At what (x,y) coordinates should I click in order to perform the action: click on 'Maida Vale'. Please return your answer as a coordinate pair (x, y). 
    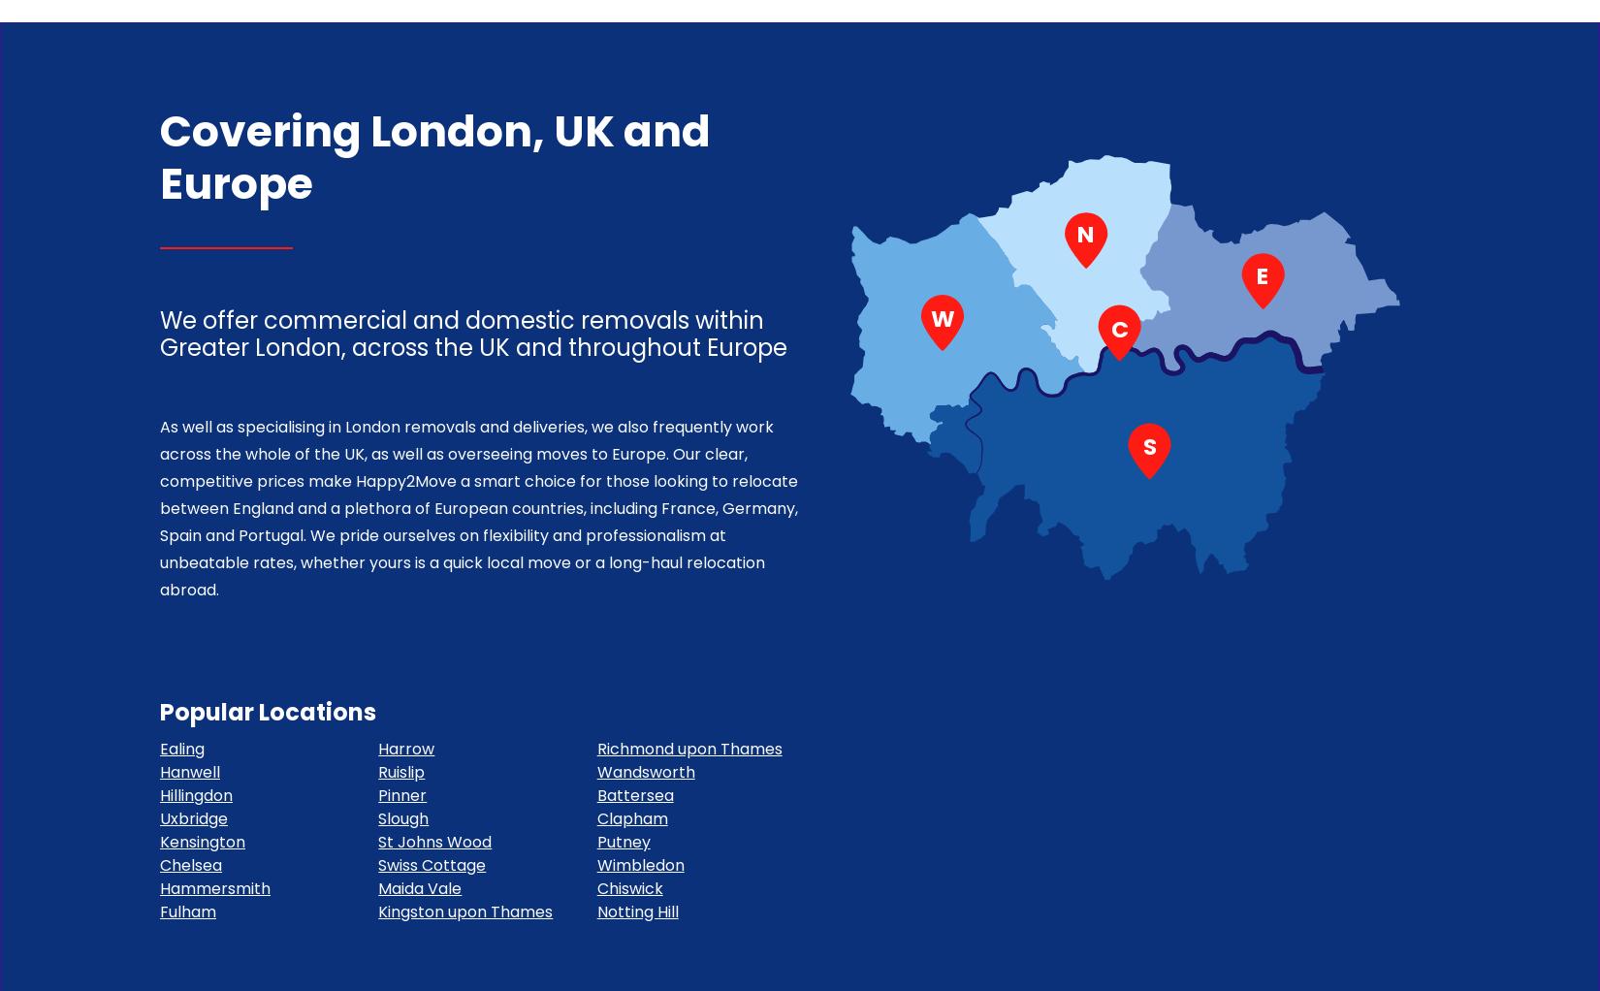
    Looking at the image, I should click on (418, 888).